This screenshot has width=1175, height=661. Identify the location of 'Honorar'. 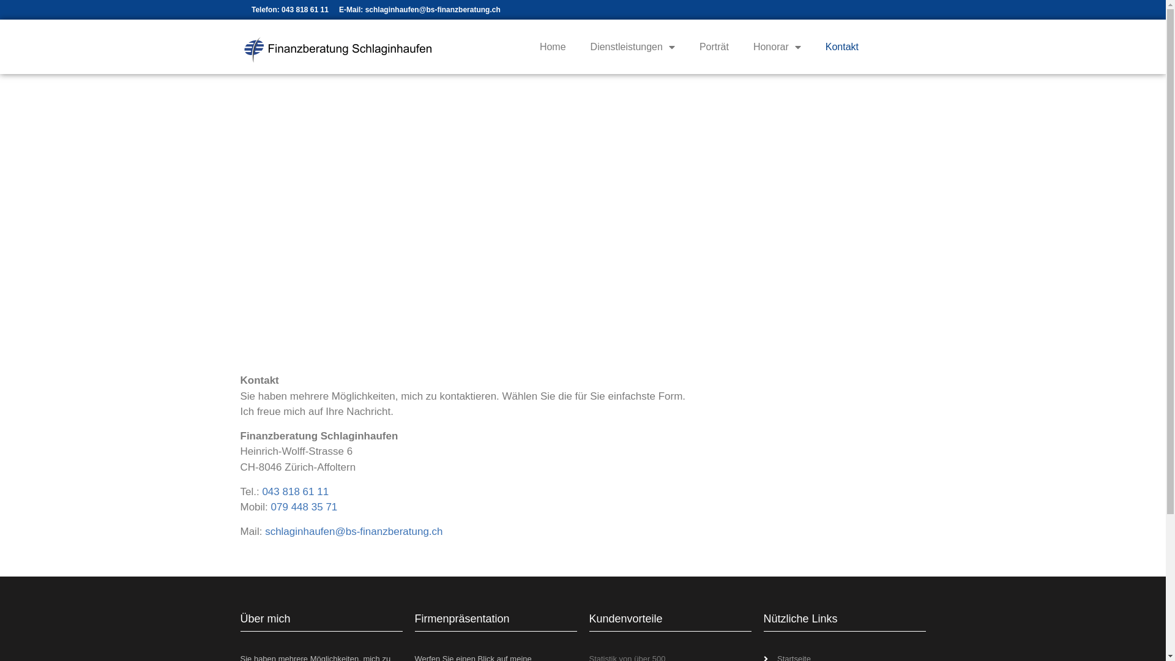
(777, 47).